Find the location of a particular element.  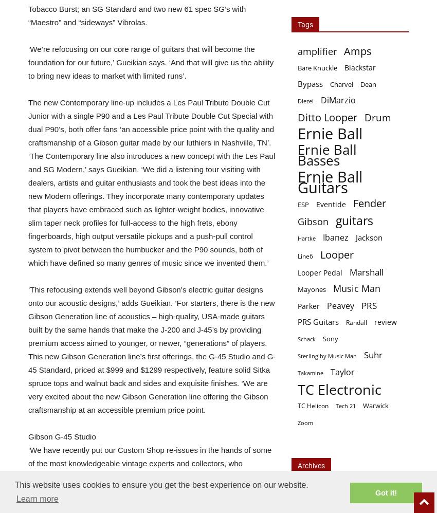

'Taylor' is located at coordinates (342, 372).